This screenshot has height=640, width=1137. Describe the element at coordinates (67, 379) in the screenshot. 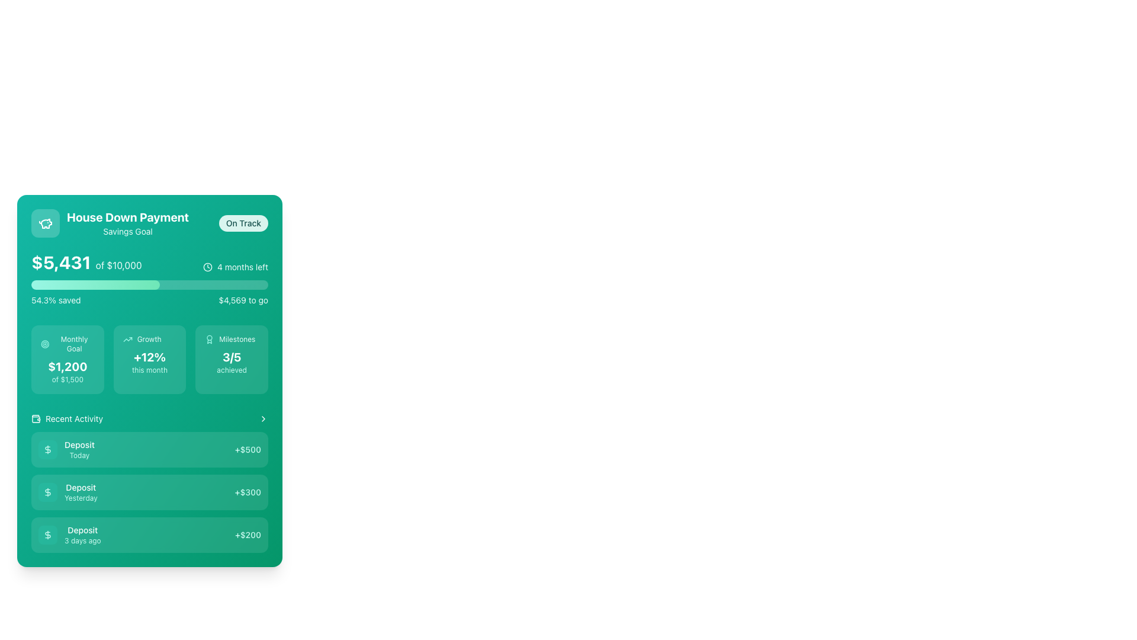

I see `the text label indicating the total goal amount beneath the '$1,200' text within the 'Monthly Goal' section` at that location.